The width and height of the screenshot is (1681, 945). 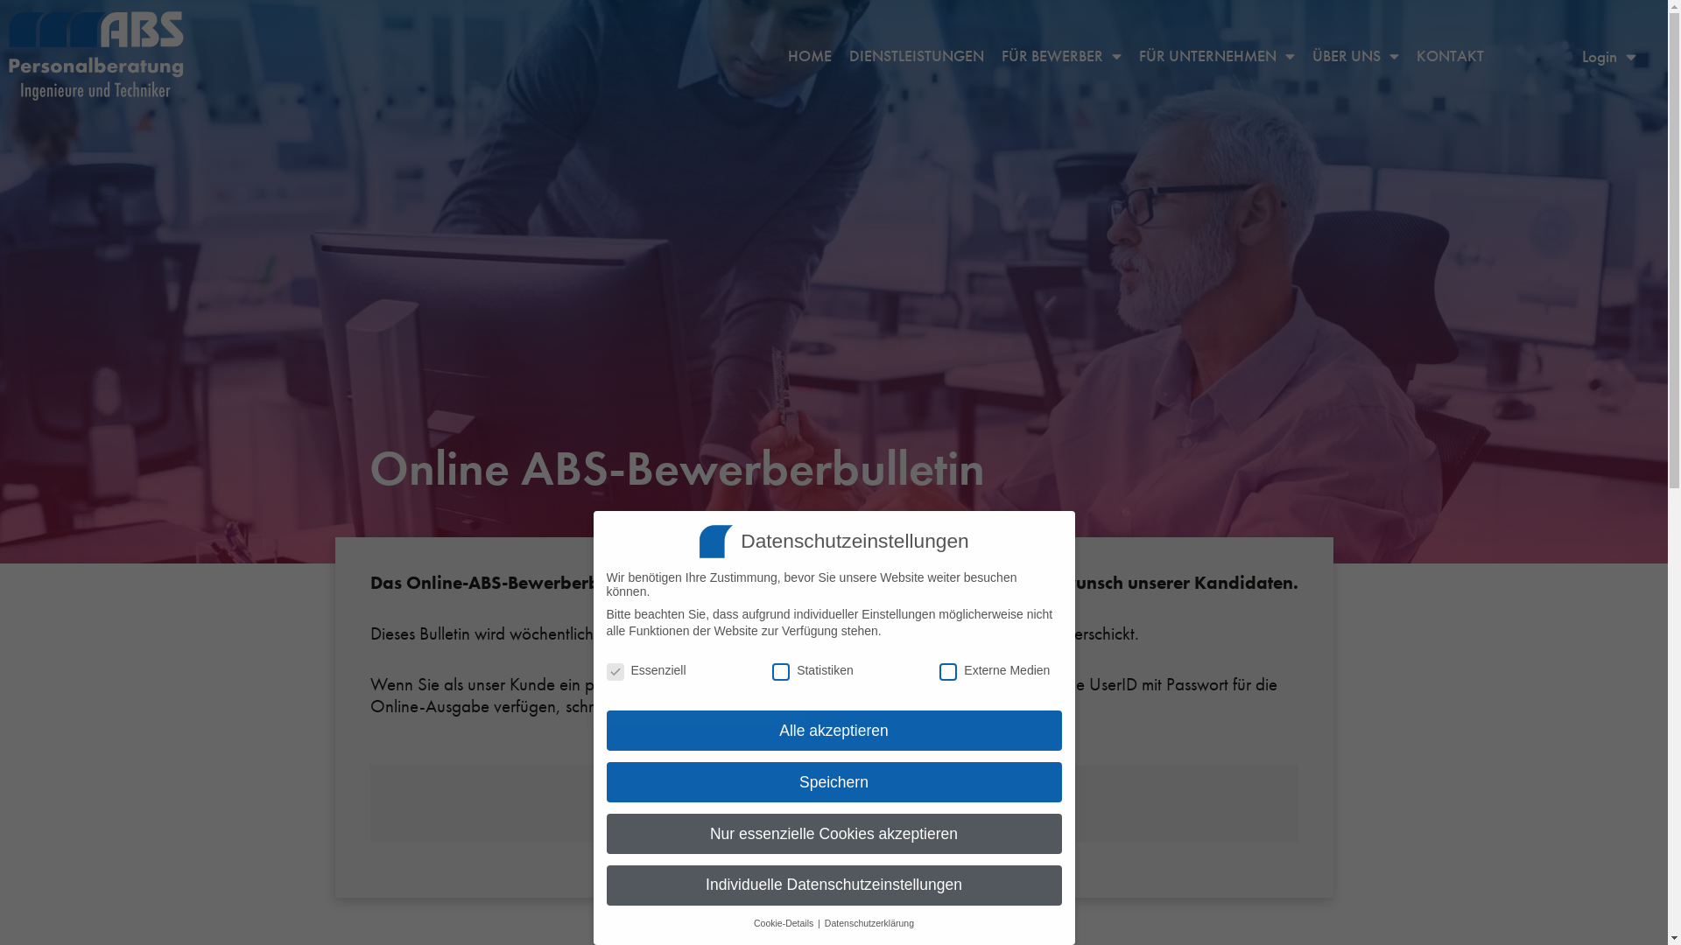 I want to click on 'Login', so click(x=1609, y=55).